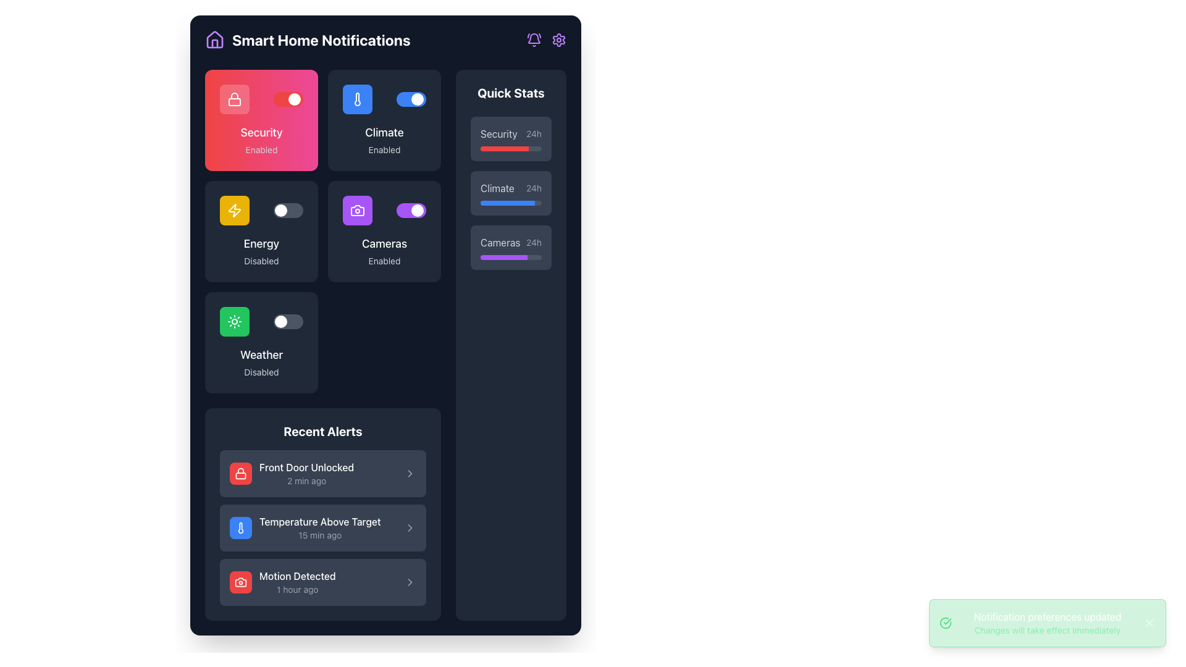  I want to click on the second entry in the 'Recent Alerts' section, which displays an alert about a temperature exceeding a defined target, so click(320, 528).